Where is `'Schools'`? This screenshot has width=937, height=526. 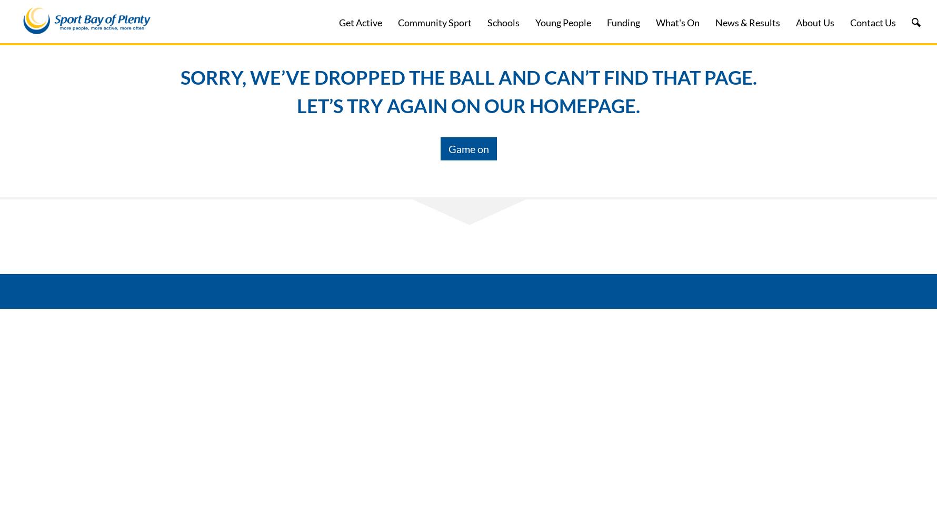 'Schools' is located at coordinates (503, 23).